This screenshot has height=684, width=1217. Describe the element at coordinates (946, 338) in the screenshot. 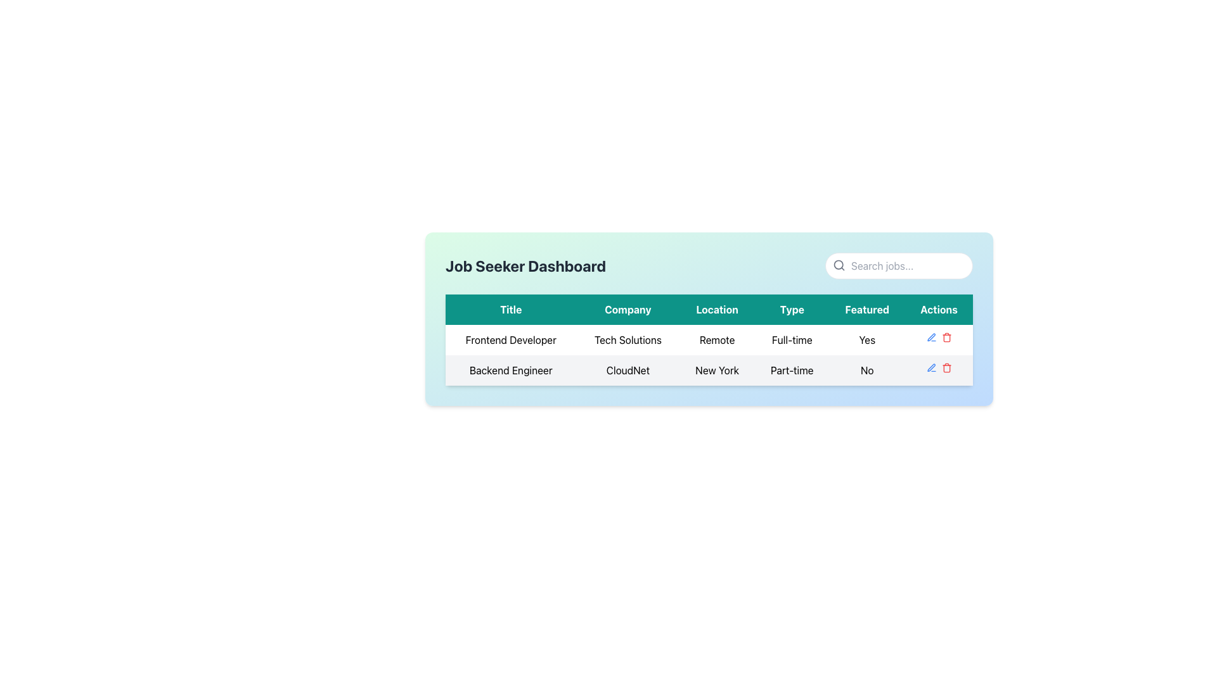

I see `the trash bin icon in the 'Actions' column associated with the 'Backend Engineer' job entry, located in the second row` at that location.